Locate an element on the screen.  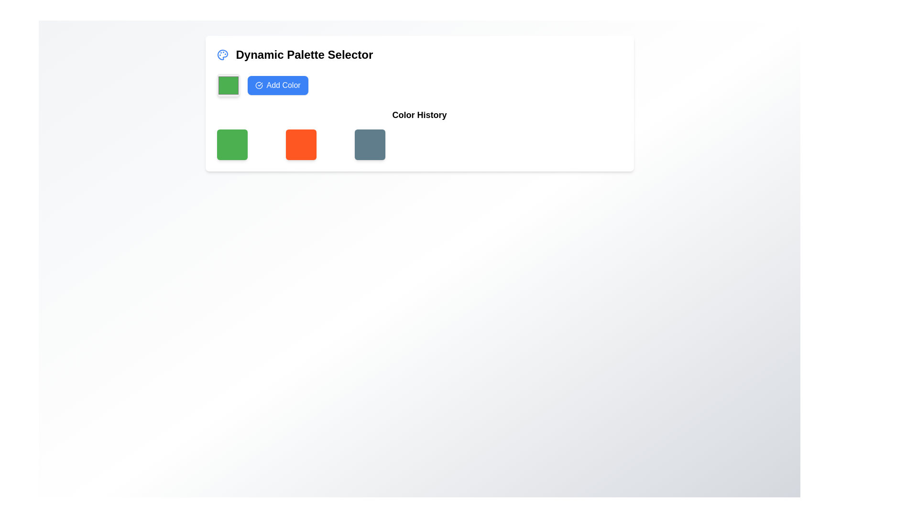
the square-shaped color selector box with a green fill (#4caf50) is located at coordinates (228, 85).